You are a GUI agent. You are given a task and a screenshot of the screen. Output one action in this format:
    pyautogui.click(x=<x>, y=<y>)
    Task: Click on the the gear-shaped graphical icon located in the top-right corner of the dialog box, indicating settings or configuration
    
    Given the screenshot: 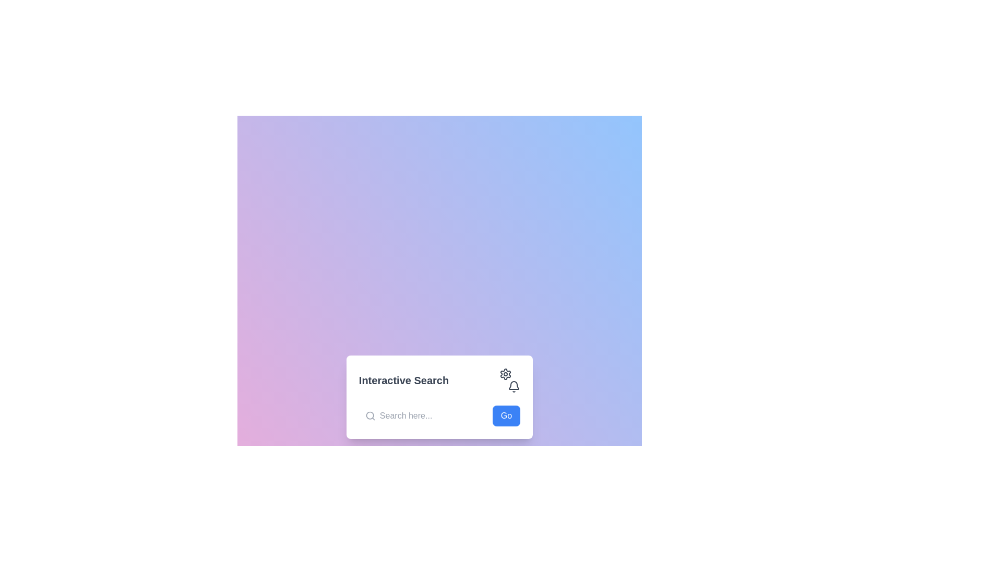 What is the action you would take?
    pyautogui.click(x=506, y=373)
    